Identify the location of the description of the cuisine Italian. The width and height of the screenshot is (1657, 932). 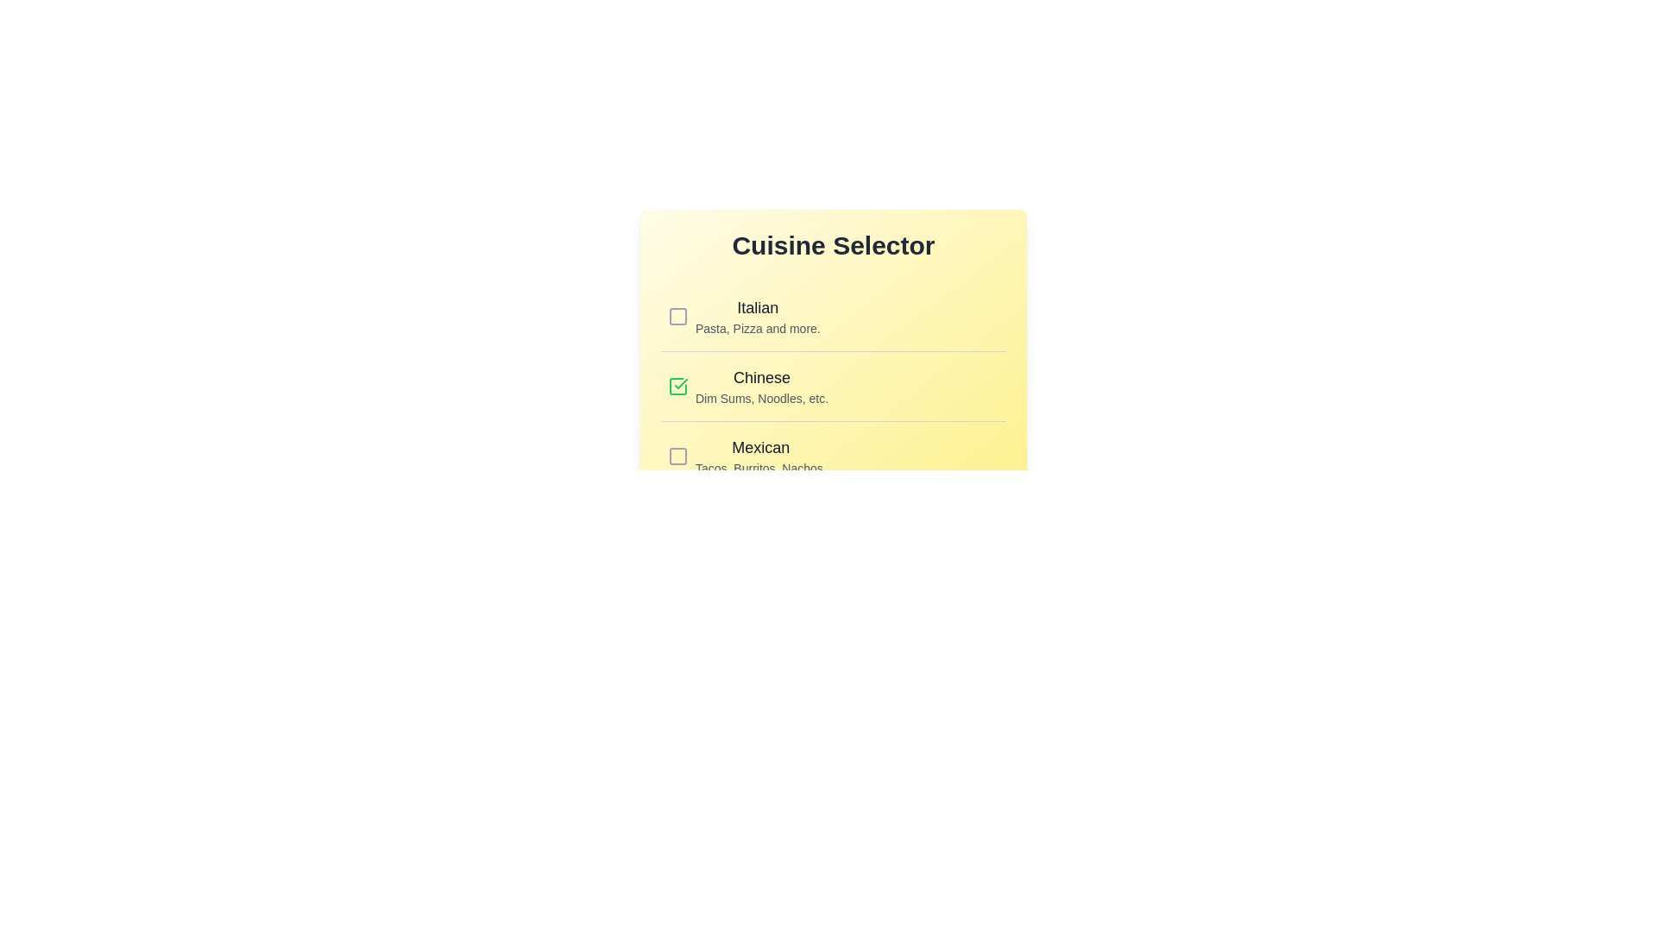
(758, 307).